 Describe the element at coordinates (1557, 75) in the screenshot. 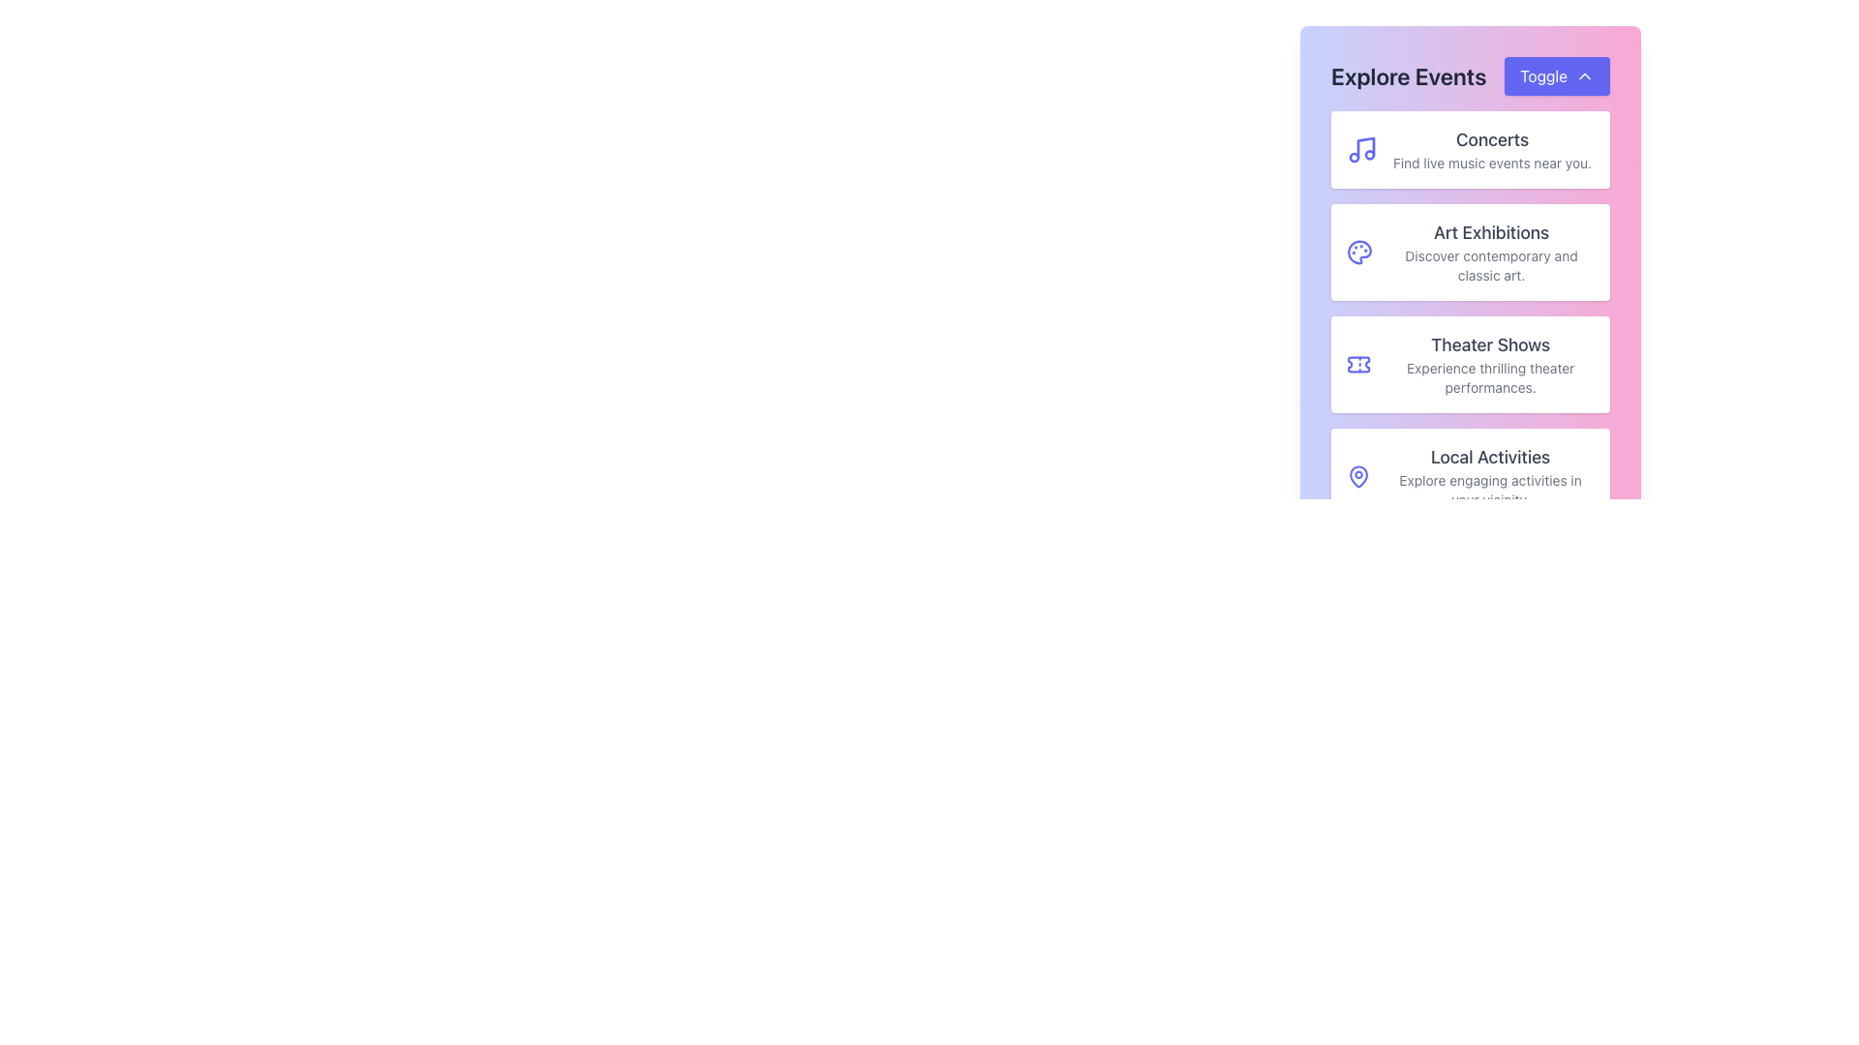

I see `the toggle button labeled 'Toggle' with a vibrant indigo background and a downward chevron icon` at that location.